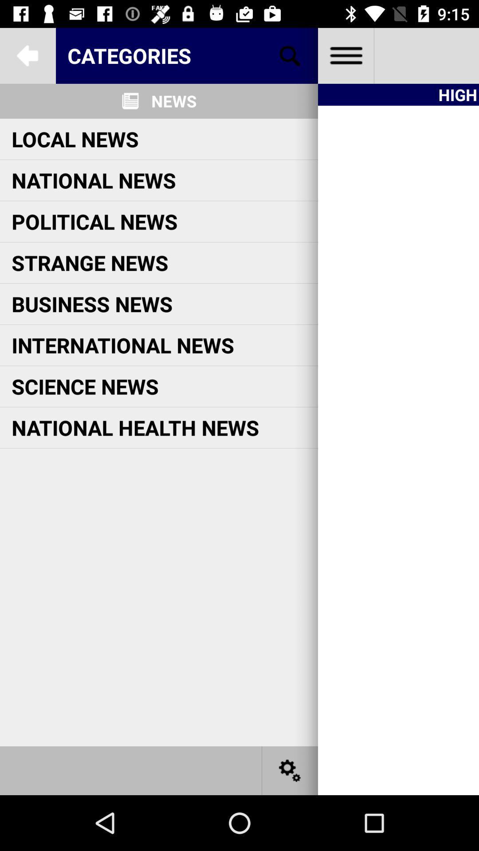  What do you see at coordinates (186, 55) in the screenshot?
I see `categories which is above news` at bounding box center [186, 55].